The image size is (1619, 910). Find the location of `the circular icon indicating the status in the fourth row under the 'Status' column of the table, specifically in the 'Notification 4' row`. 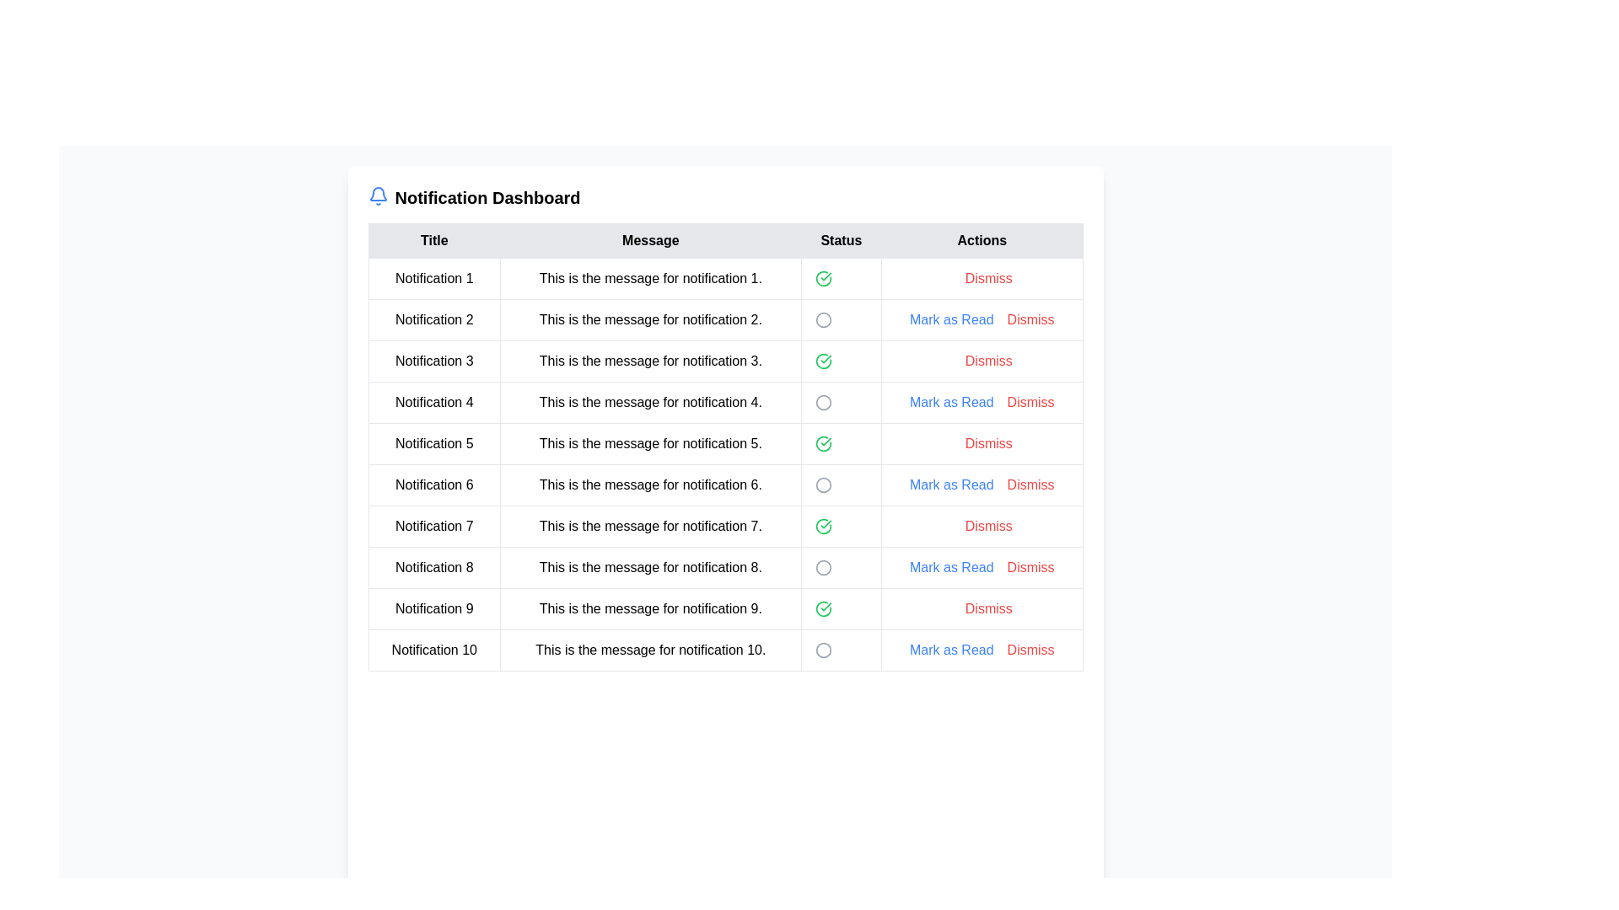

the circular icon indicating the status in the fourth row under the 'Status' column of the table, specifically in the 'Notification 4' row is located at coordinates (823, 403).